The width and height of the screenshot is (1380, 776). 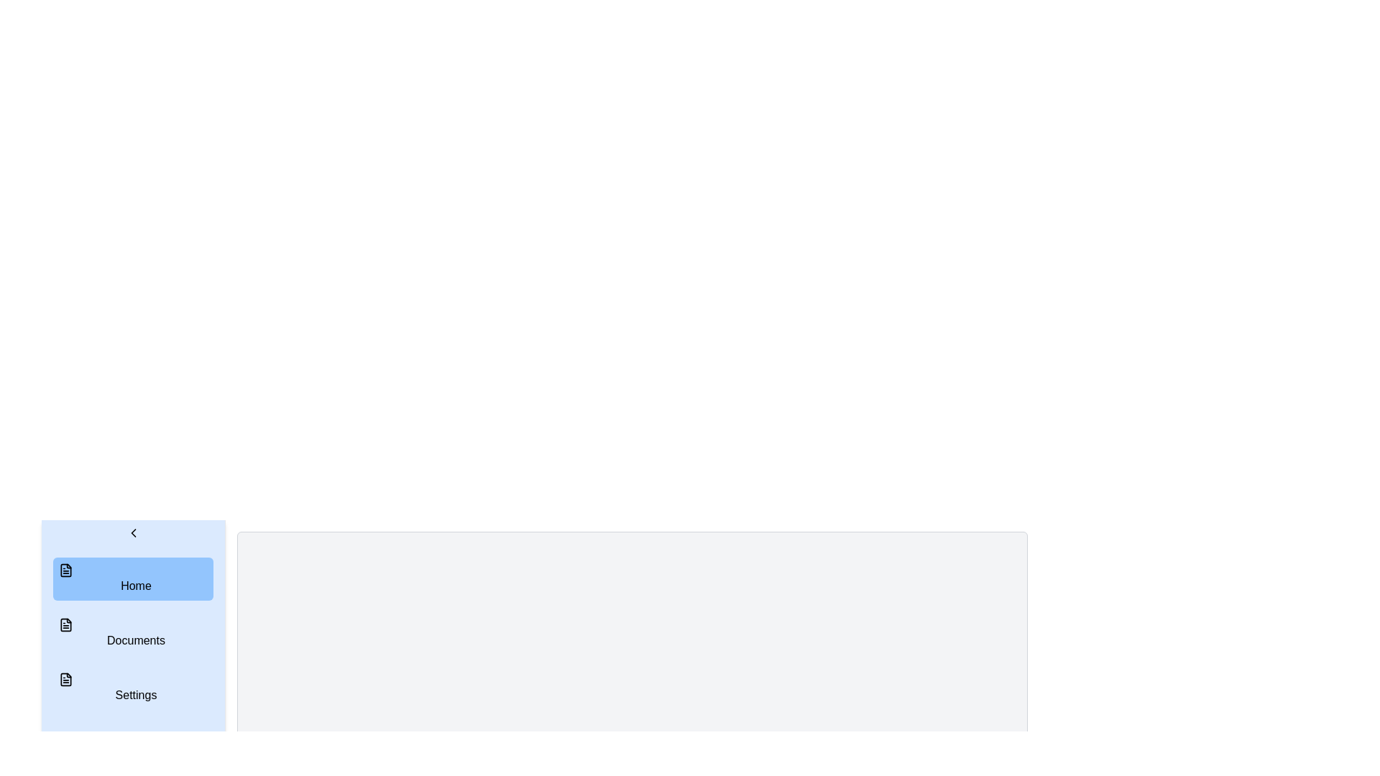 What do you see at coordinates (136, 586) in the screenshot?
I see `the text label displaying 'Home' which is styled in capitalized format and positioned within a highlighted blue rectangular background in the vertical navigation menu` at bounding box center [136, 586].